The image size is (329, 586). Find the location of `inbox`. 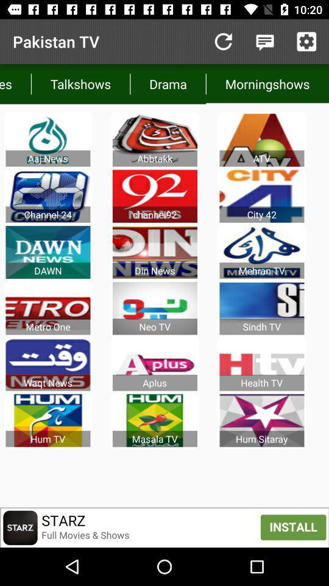

inbox is located at coordinates (264, 42).